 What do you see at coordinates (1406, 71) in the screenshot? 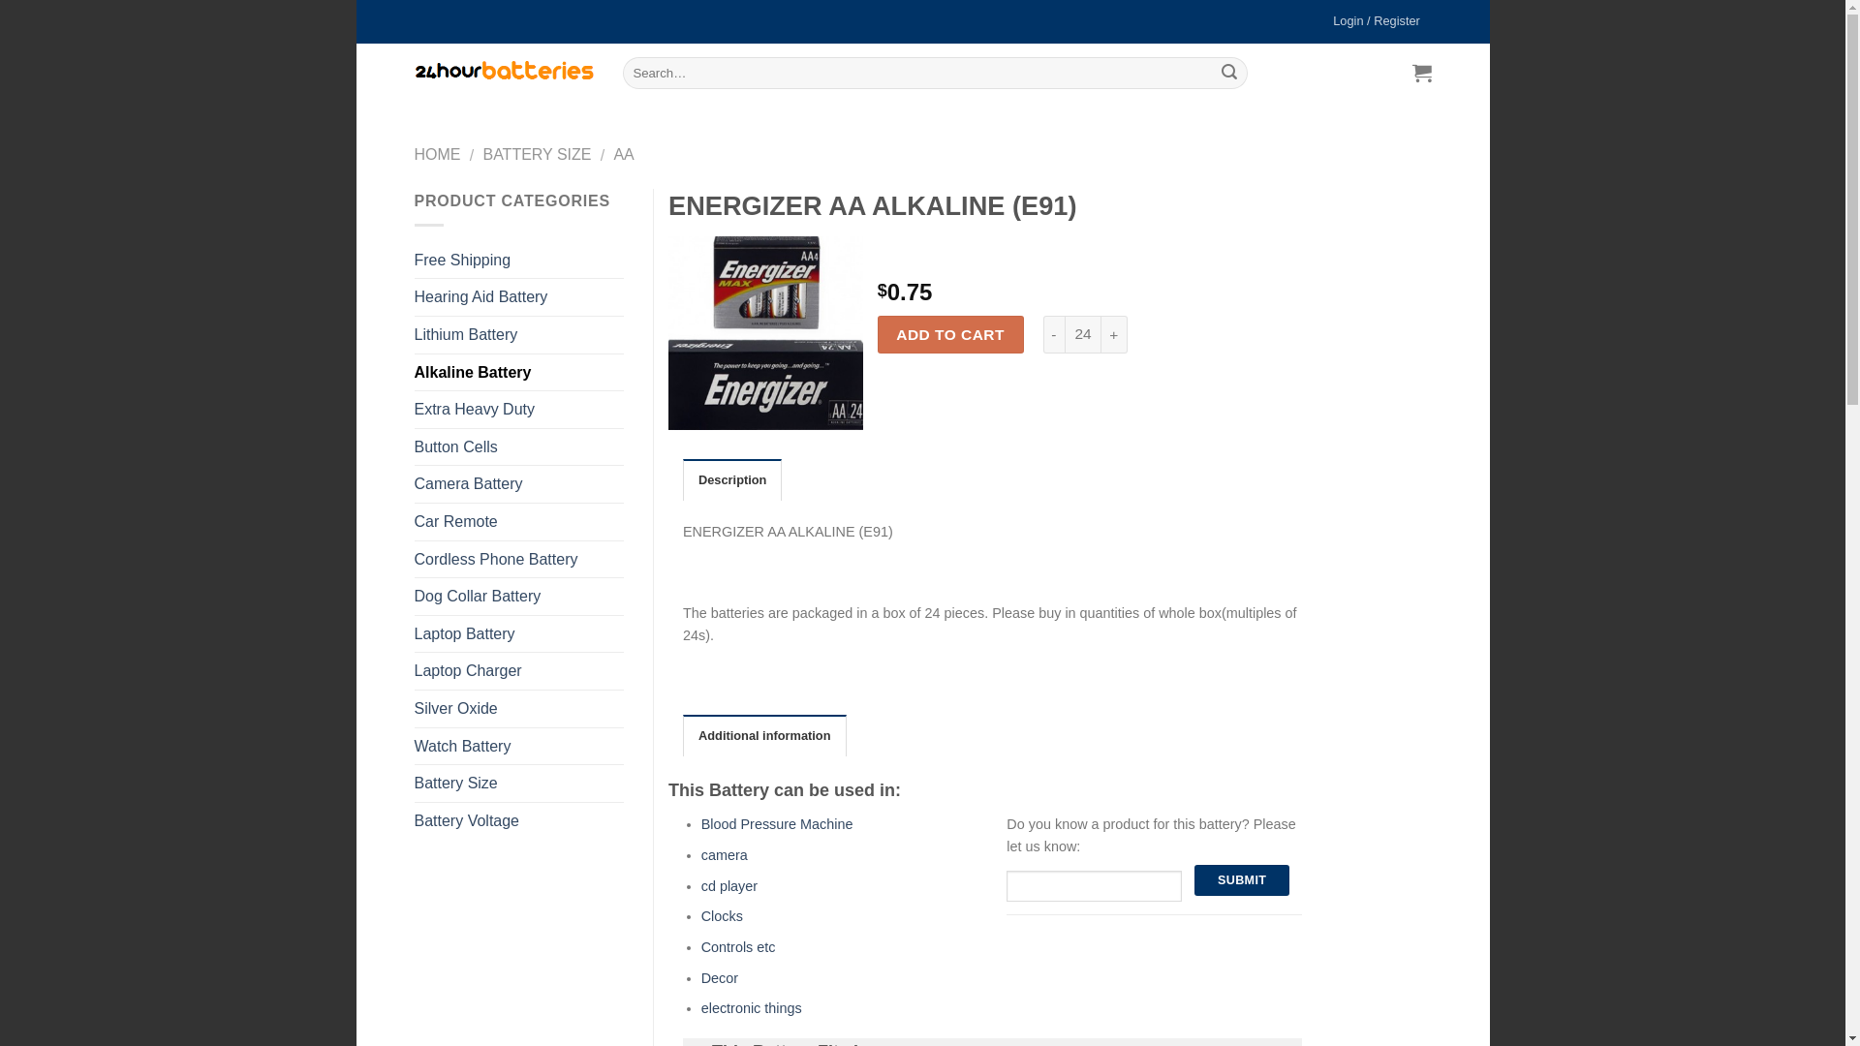
I see `'Cart'` at bounding box center [1406, 71].